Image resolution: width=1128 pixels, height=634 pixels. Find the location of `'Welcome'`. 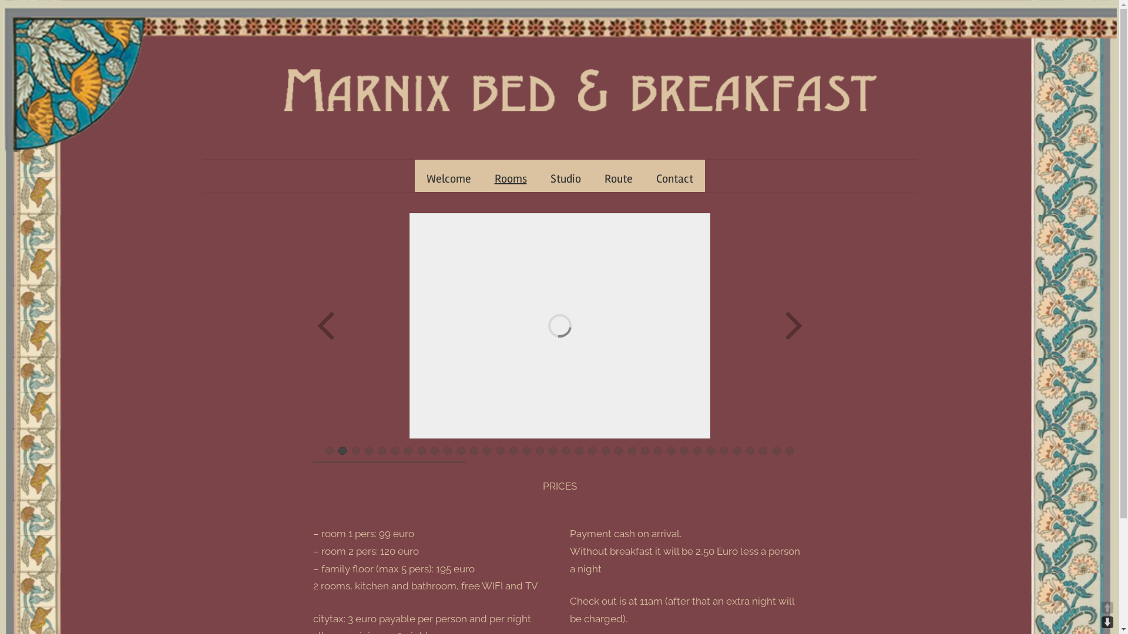

'Welcome' is located at coordinates (448, 178).